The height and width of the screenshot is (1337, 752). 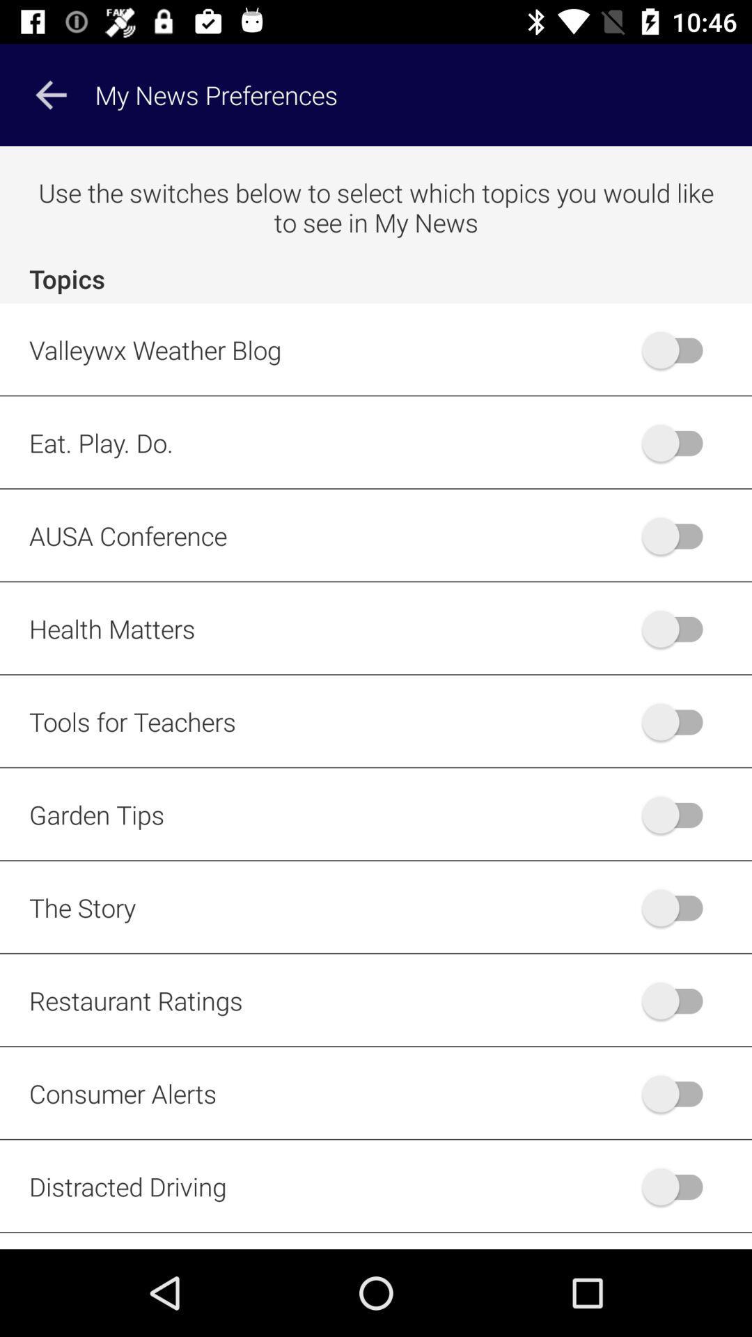 I want to click on the arrow_backward icon, so click(x=50, y=94).